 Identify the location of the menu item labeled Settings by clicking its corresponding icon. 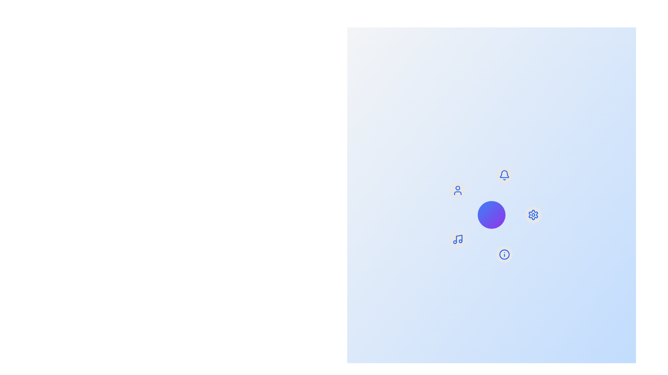
(533, 214).